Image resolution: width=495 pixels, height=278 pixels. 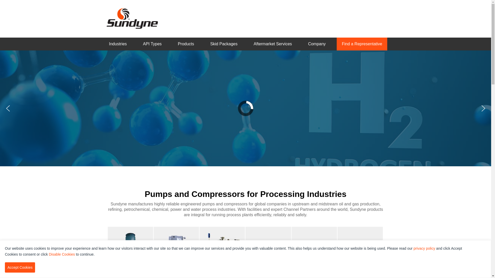 What do you see at coordinates (362, 44) in the screenshot?
I see `'Find a Representative'` at bounding box center [362, 44].